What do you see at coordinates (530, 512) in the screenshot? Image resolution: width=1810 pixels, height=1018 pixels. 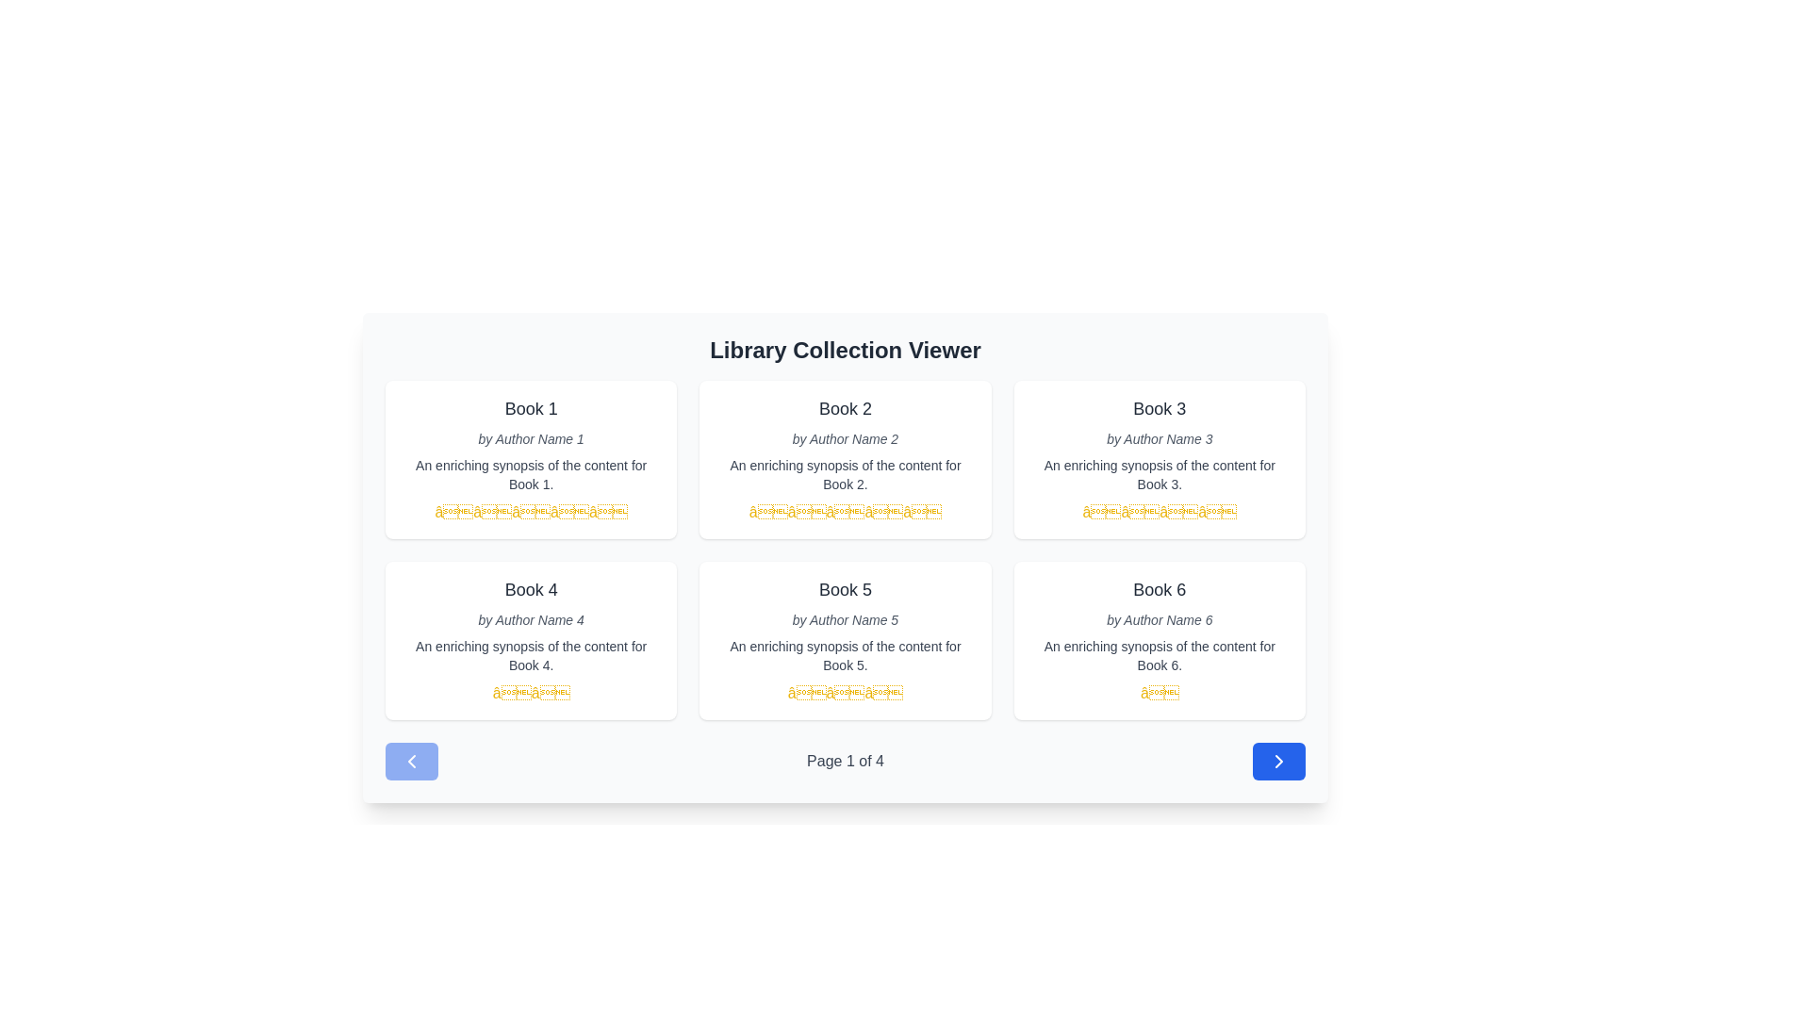 I see `the third static rating star in the horizontal sequence of five stars under the book title 'Book 1'` at bounding box center [530, 512].